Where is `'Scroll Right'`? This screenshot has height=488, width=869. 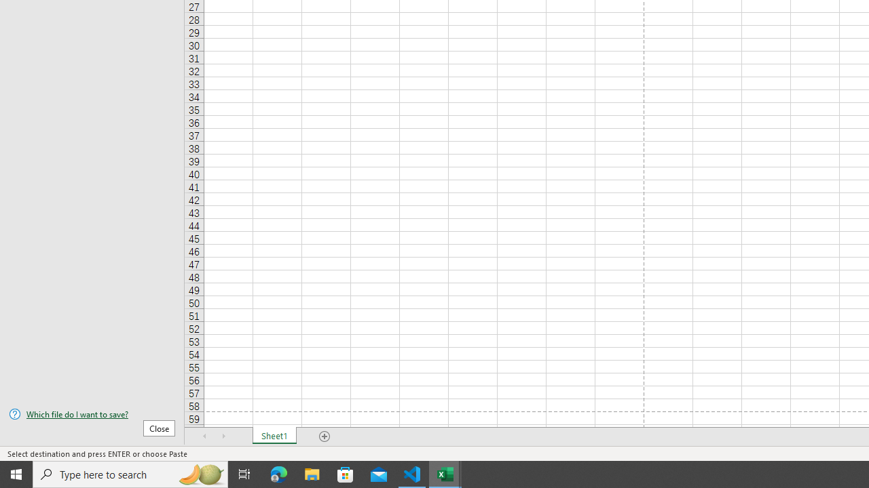
'Scroll Right' is located at coordinates (224, 436).